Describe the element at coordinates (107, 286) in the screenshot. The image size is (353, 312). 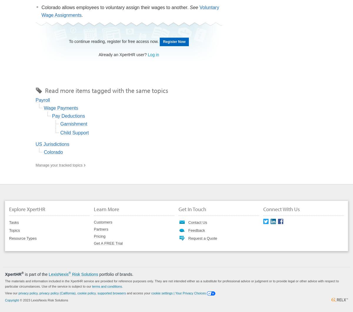
I see `'terms and conditions'` at that location.